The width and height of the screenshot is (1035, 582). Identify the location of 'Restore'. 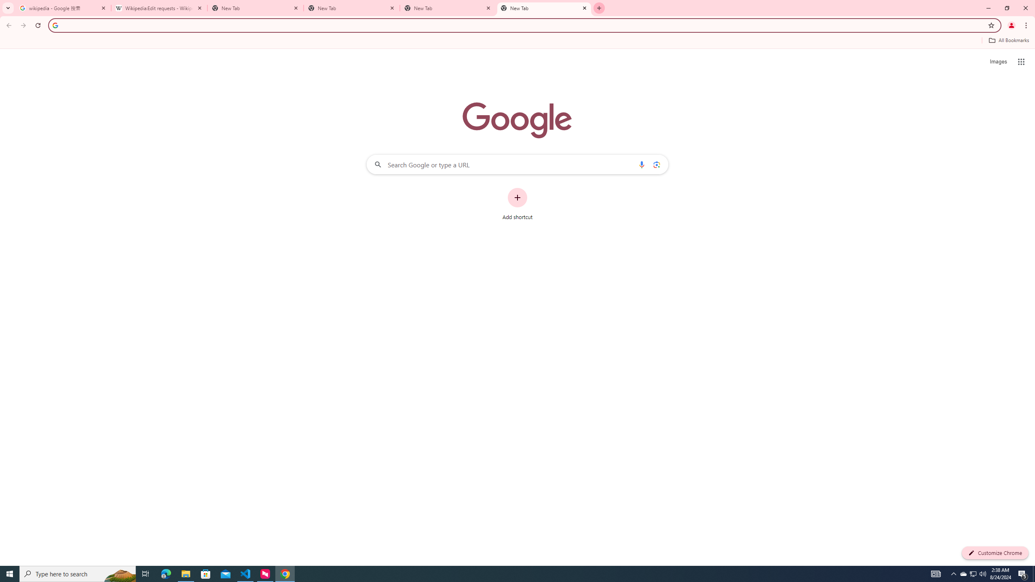
(1007, 8).